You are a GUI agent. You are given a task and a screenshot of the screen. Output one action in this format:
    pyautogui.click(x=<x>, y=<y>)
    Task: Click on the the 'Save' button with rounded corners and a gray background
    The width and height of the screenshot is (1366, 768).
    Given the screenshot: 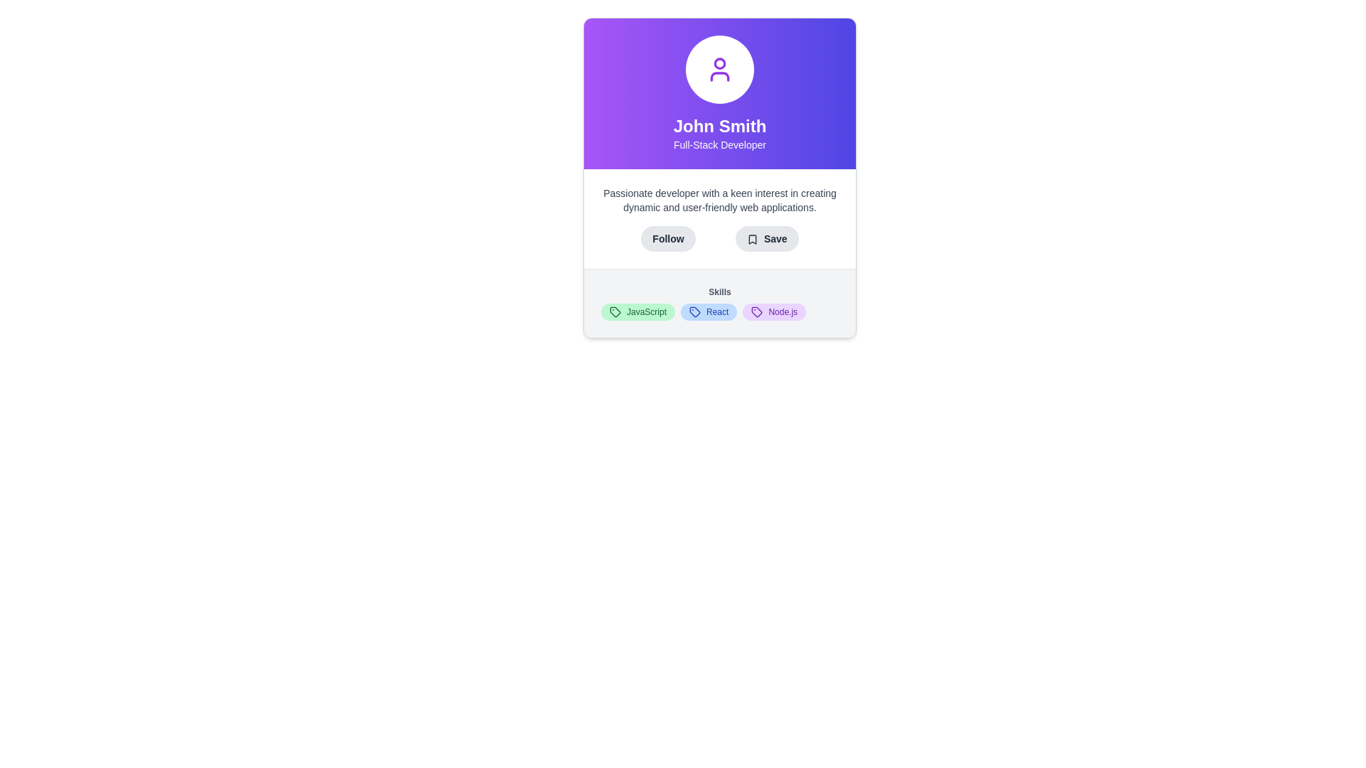 What is the action you would take?
    pyautogui.click(x=766, y=238)
    